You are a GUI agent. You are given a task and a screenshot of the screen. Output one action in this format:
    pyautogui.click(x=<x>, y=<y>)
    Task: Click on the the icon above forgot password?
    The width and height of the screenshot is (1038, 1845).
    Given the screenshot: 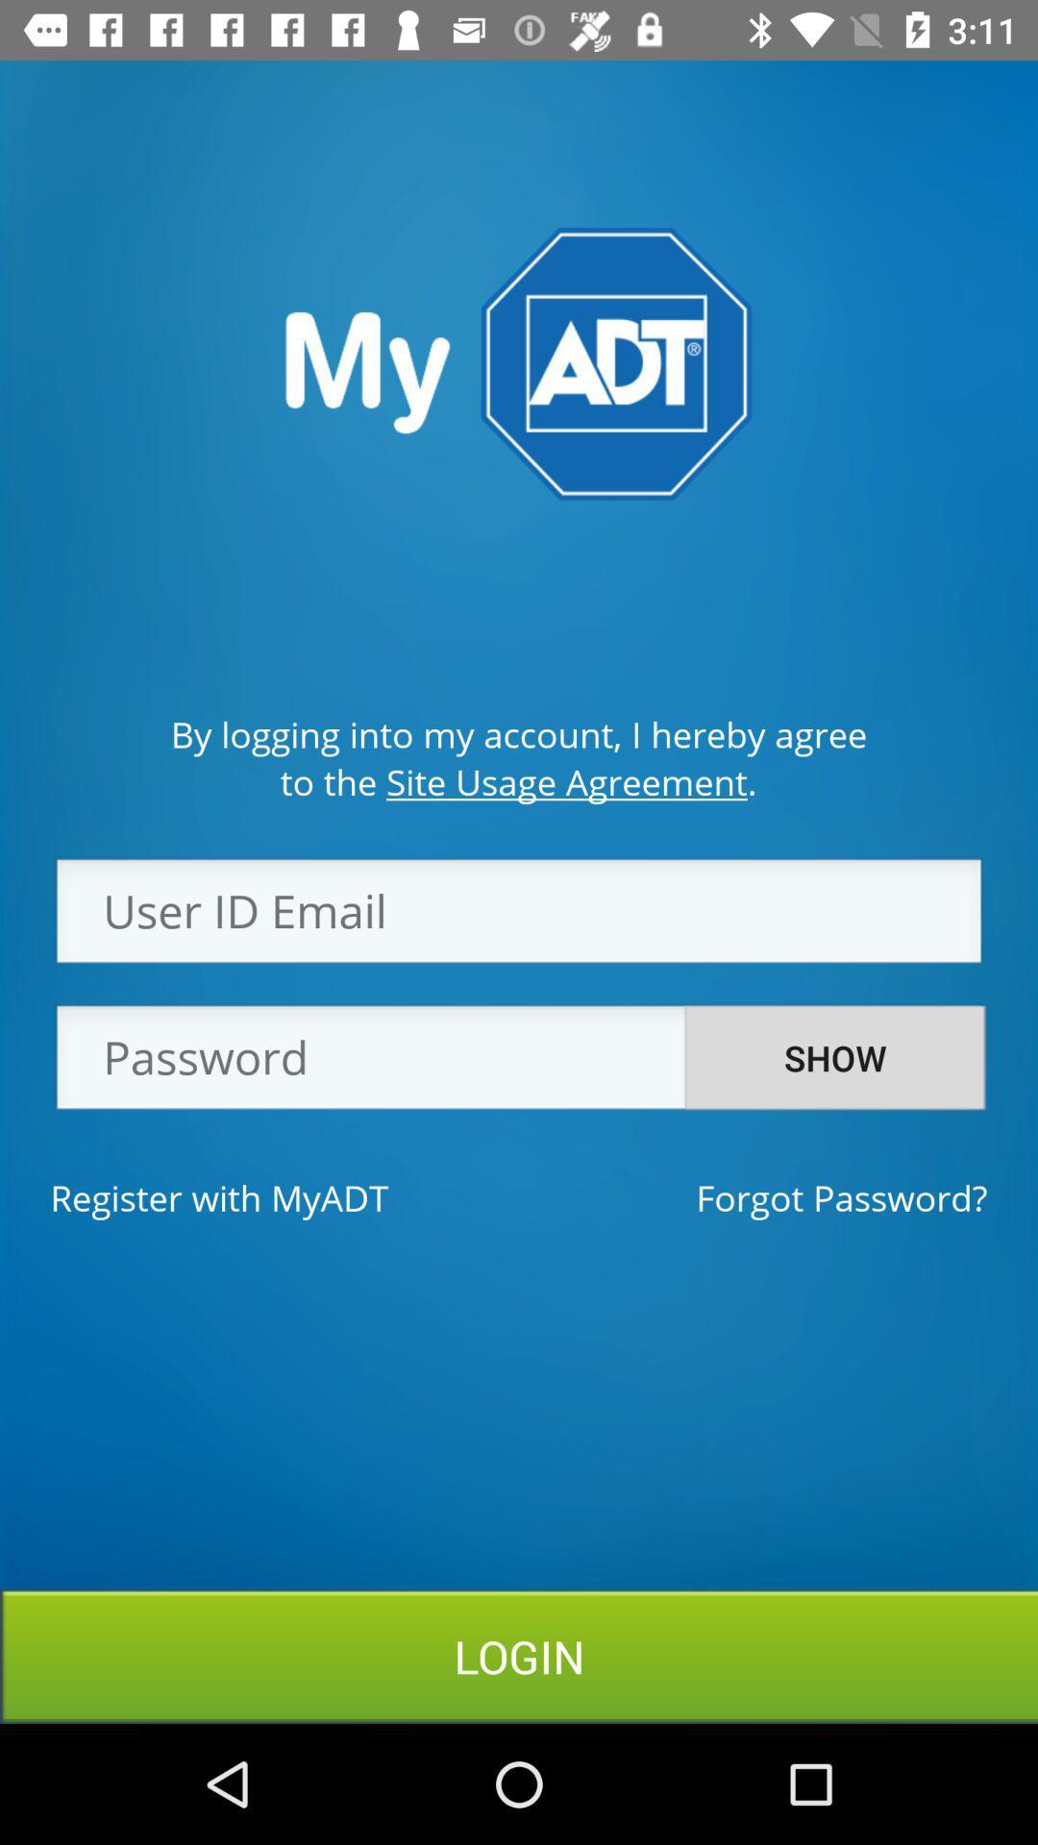 What is the action you would take?
    pyautogui.click(x=834, y=1057)
    